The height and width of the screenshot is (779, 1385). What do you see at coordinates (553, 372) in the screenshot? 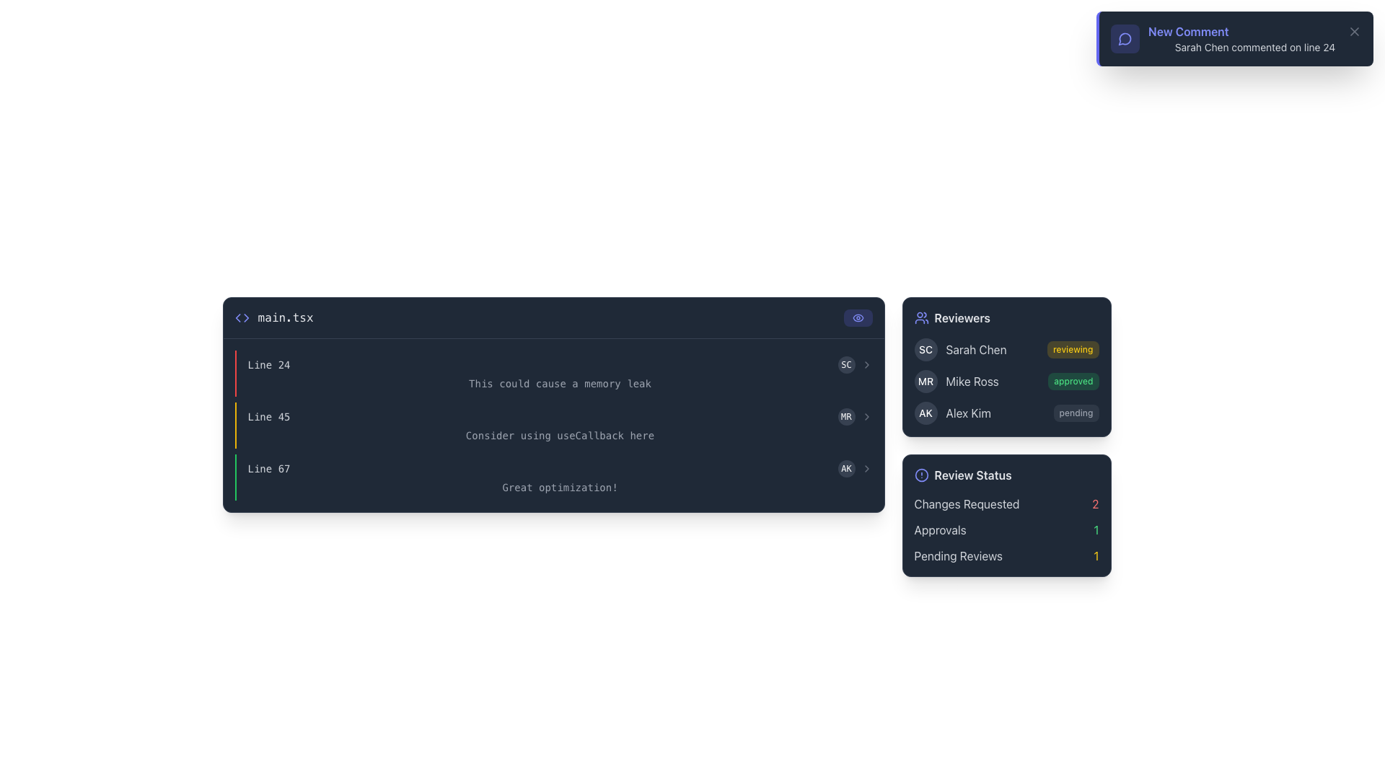
I see `the first comment entry regarding 'Line 24' in the comment section, which provides additional insight related to the code` at bounding box center [553, 372].